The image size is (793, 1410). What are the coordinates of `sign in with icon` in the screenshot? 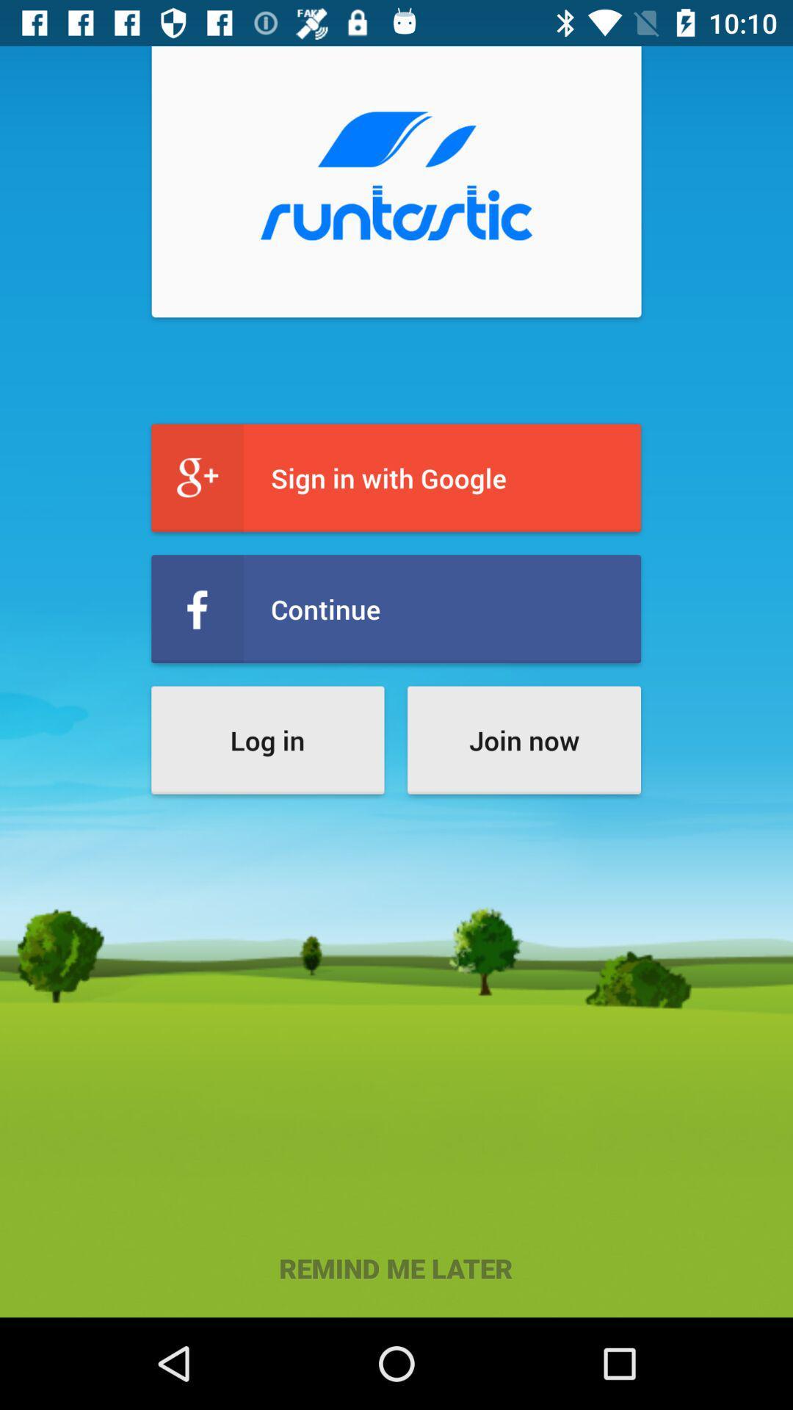 It's located at (395, 478).